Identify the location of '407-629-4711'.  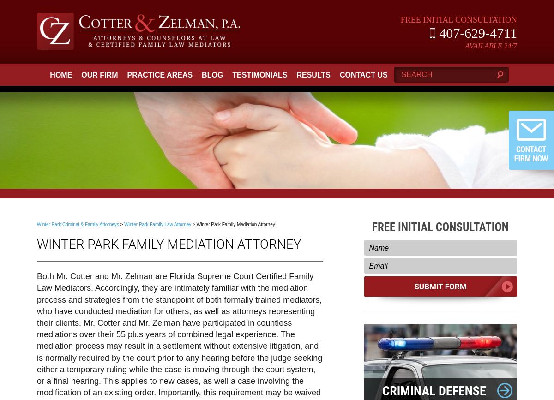
(478, 36).